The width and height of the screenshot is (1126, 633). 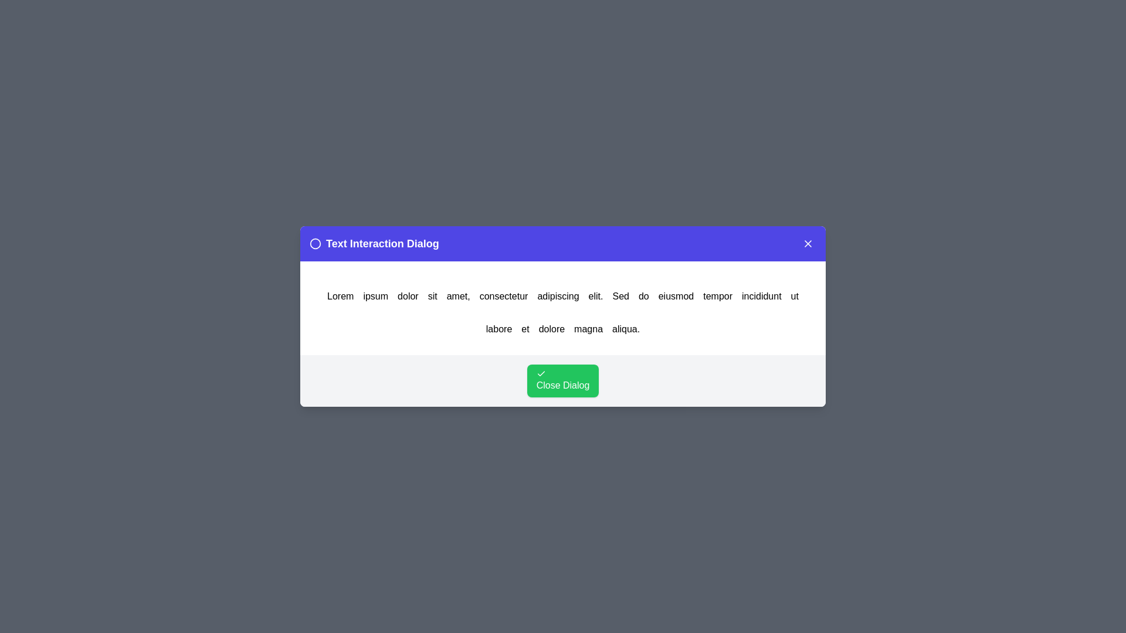 I want to click on the word dolor in the text to trigger an alert displaying the clicked word, so click(x=408, y=295).